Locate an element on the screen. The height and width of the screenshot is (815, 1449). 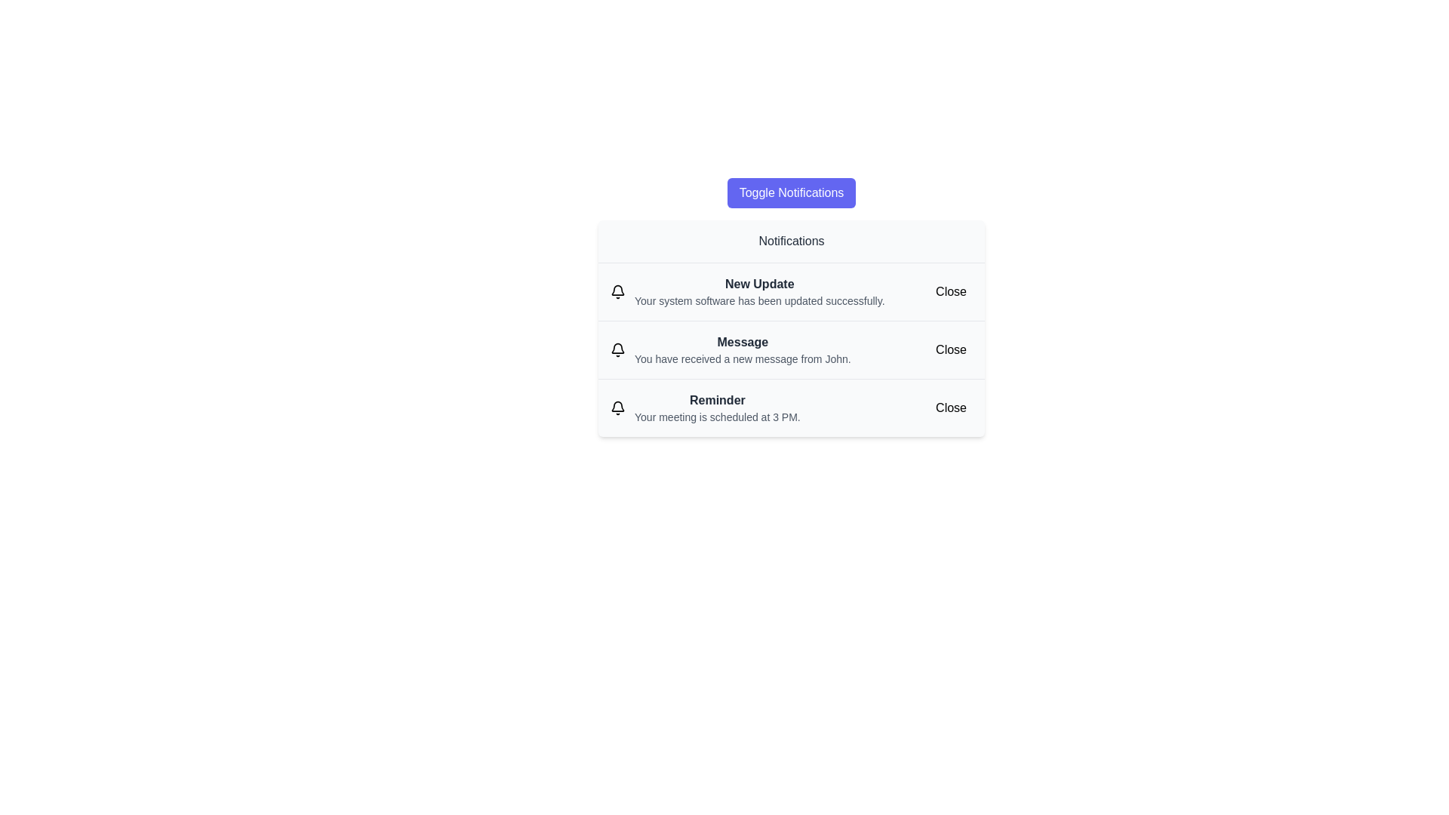
the 'Close' button, which is a rectangular button with bold black text against a light background, located at the far-right end of a notification entry is located at coordinates (950, 349).